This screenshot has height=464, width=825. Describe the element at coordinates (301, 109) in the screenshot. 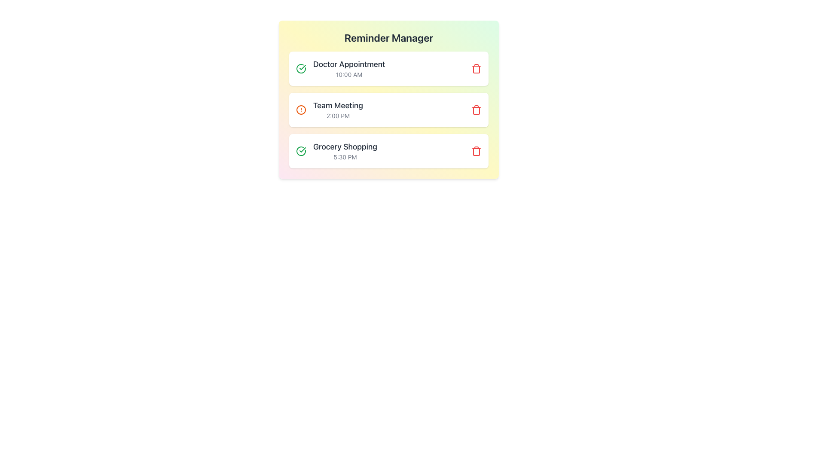

I see `the circular graphical element that serves as a visual part of the alert icon for the 'Team Meeting' item, positioned between the green checkmark icon and the '2:00 PM' text` at that location.